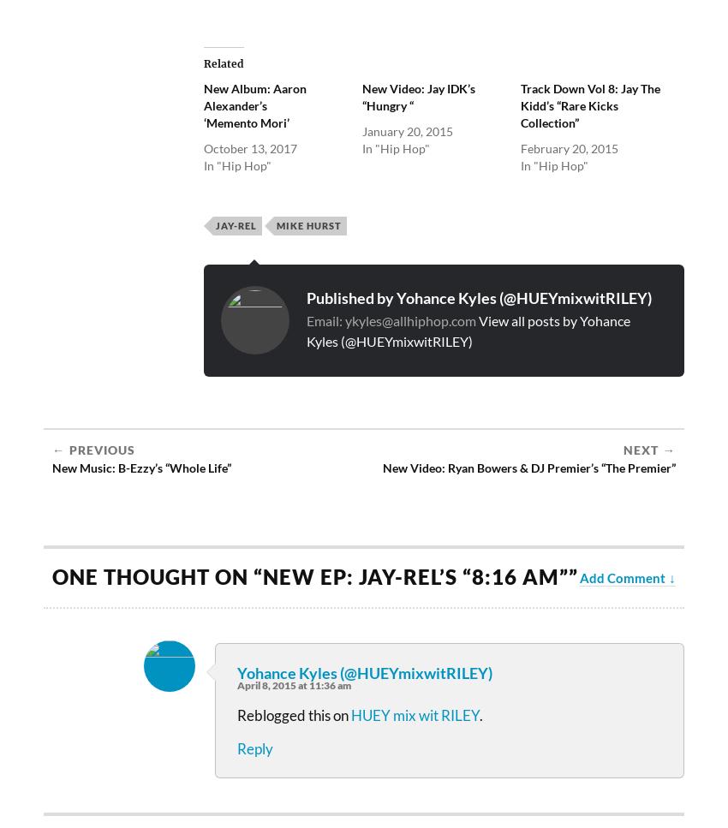 This screenshot has width=728, height=828. I want to click on 'Reply', so click(255, 748).